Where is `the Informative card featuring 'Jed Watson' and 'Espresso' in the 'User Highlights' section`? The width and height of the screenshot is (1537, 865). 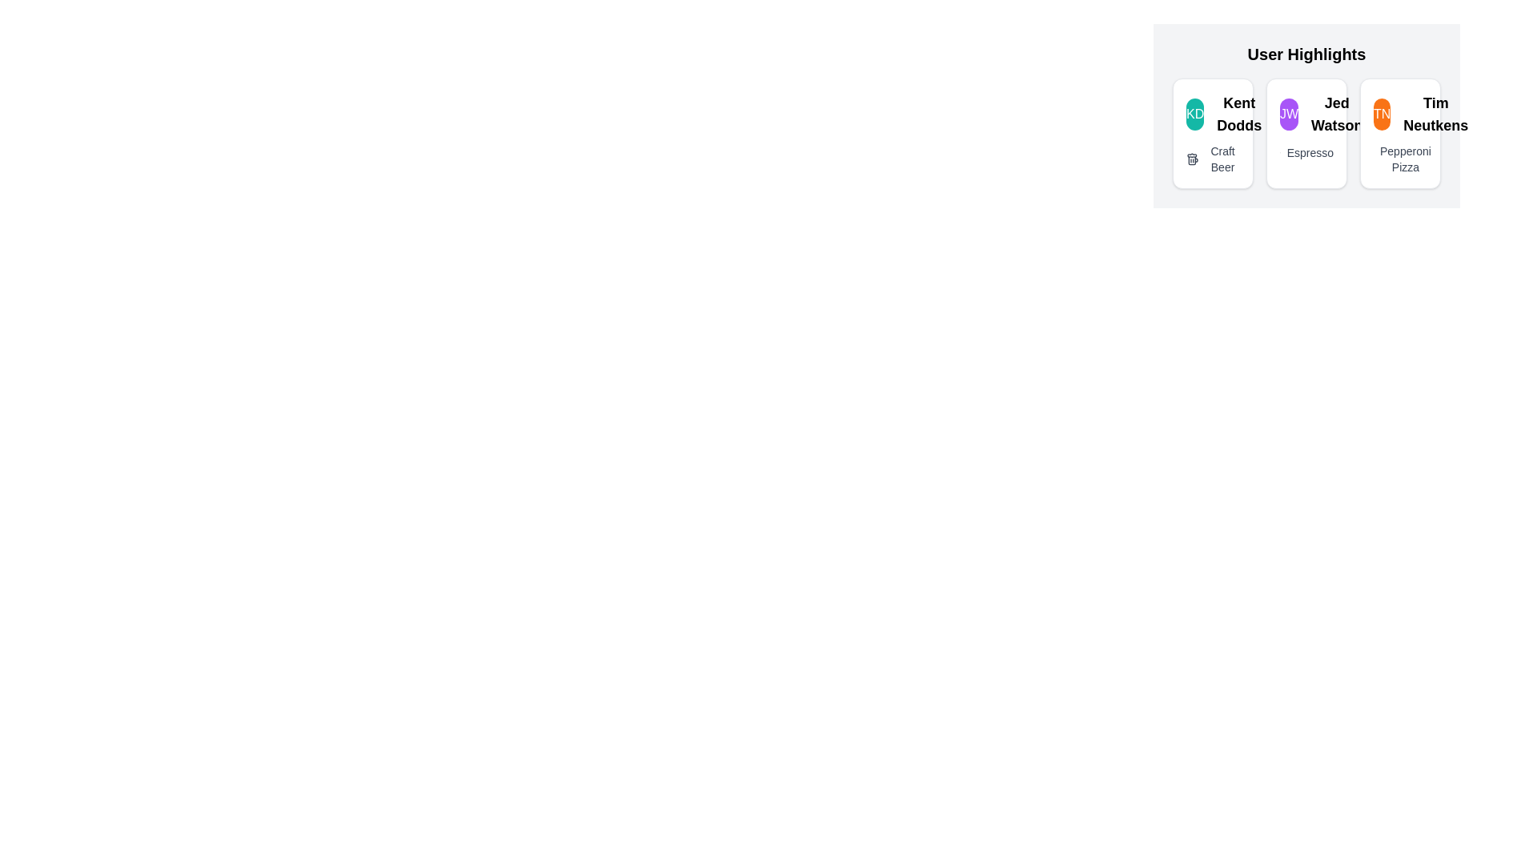
the Informative card featuring 'Jed Watson' and 'Espresso' in the 'User Highlights' section is located at coordinates (1306, 132).